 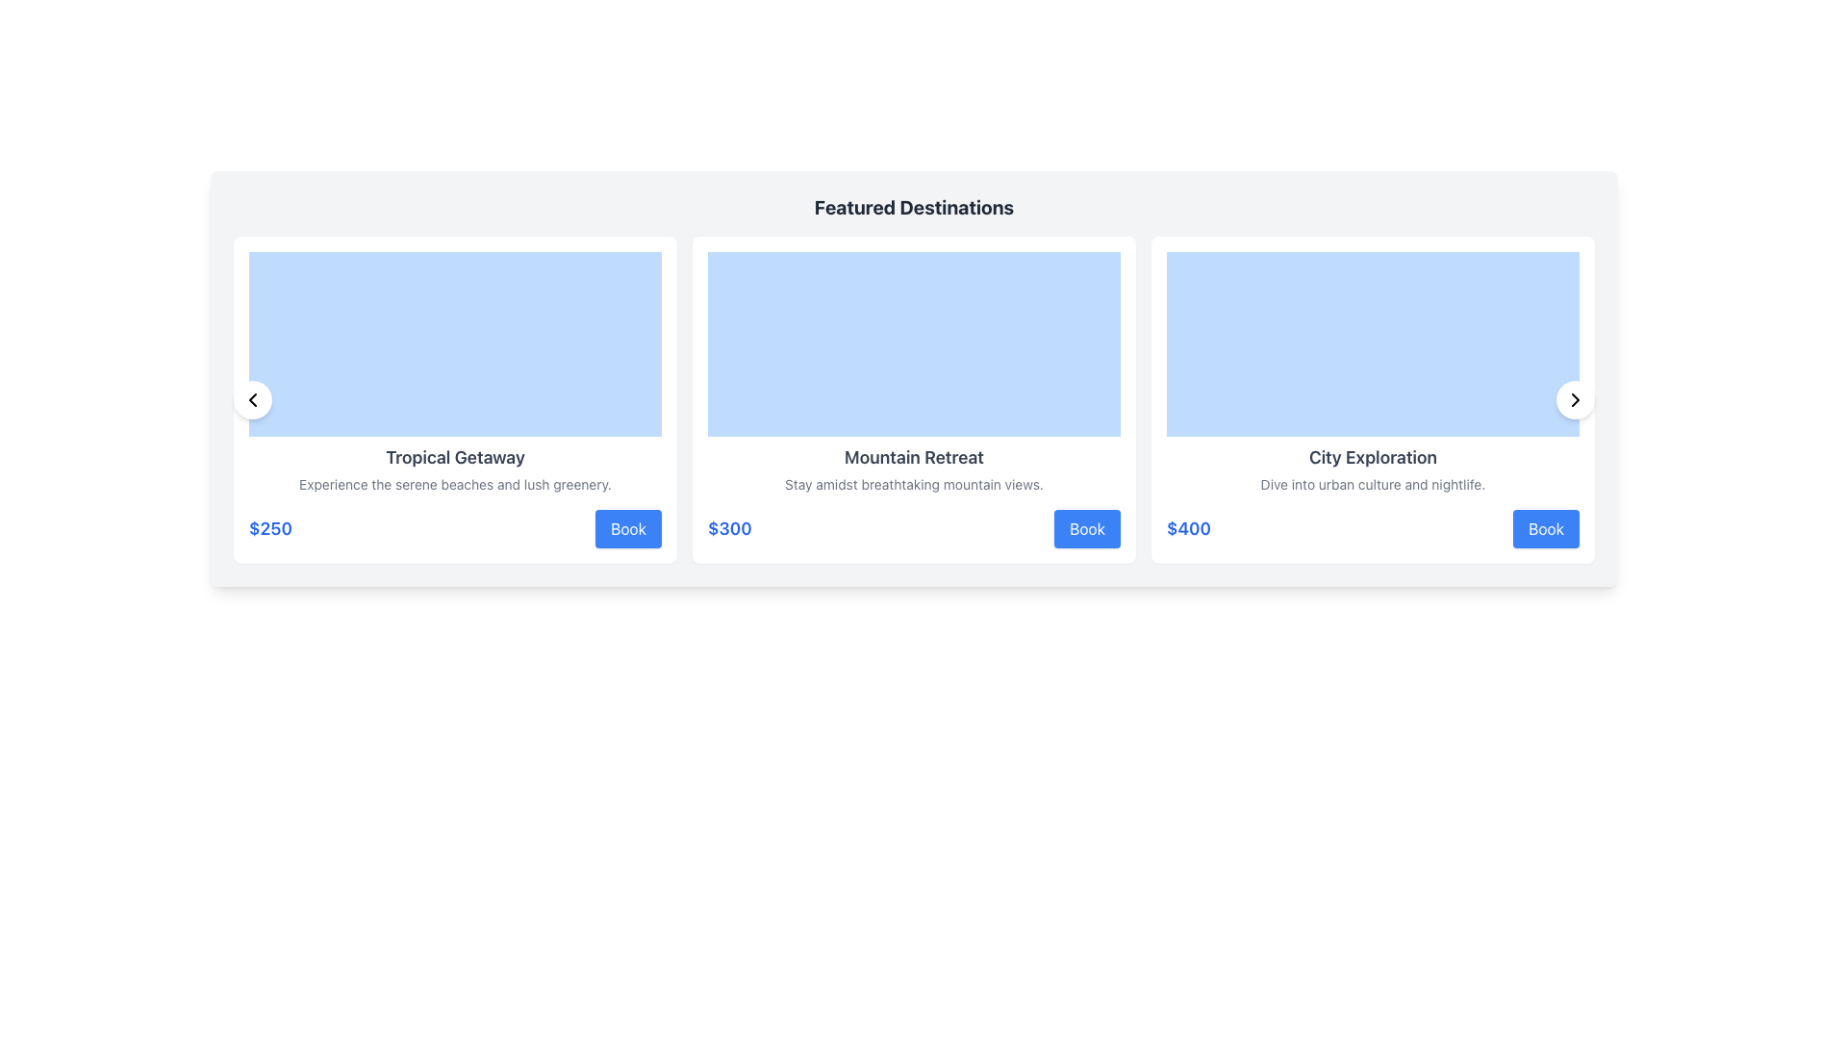 I want to click on the decorative placeholder block with a light blue background, located at the top of the 'Mountain Retreat' card layout, so click(x=913, y=343).